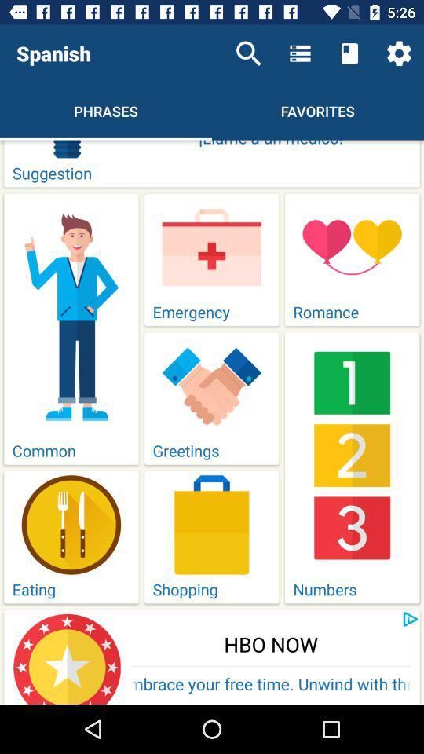 This screenshot has width=424, height=754. I want to click on the icon above favorites, so click(349, 53).